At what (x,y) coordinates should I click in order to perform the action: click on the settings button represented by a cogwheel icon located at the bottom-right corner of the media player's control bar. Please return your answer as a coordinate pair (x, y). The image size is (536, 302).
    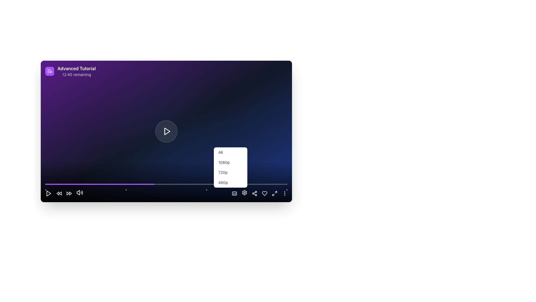
    Looking at the image, I should click on (244, 192).